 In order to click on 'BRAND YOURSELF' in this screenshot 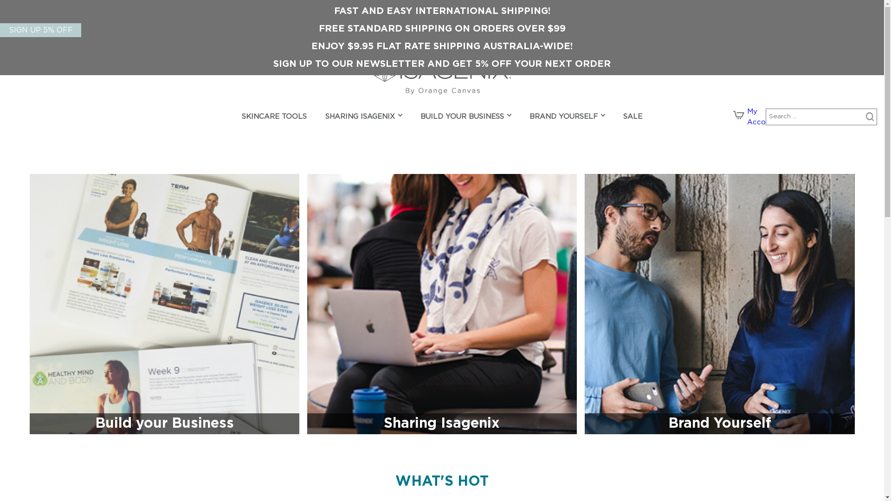, I will do `click(563, 117)`.